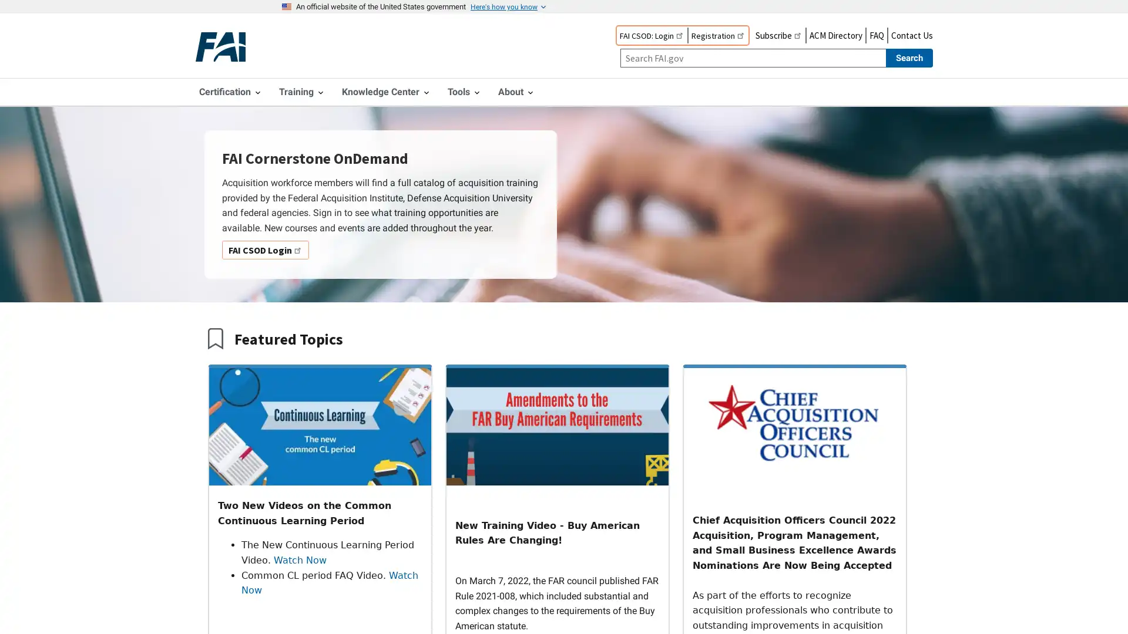  I want to click on Here's how you know, so click(504, 6).